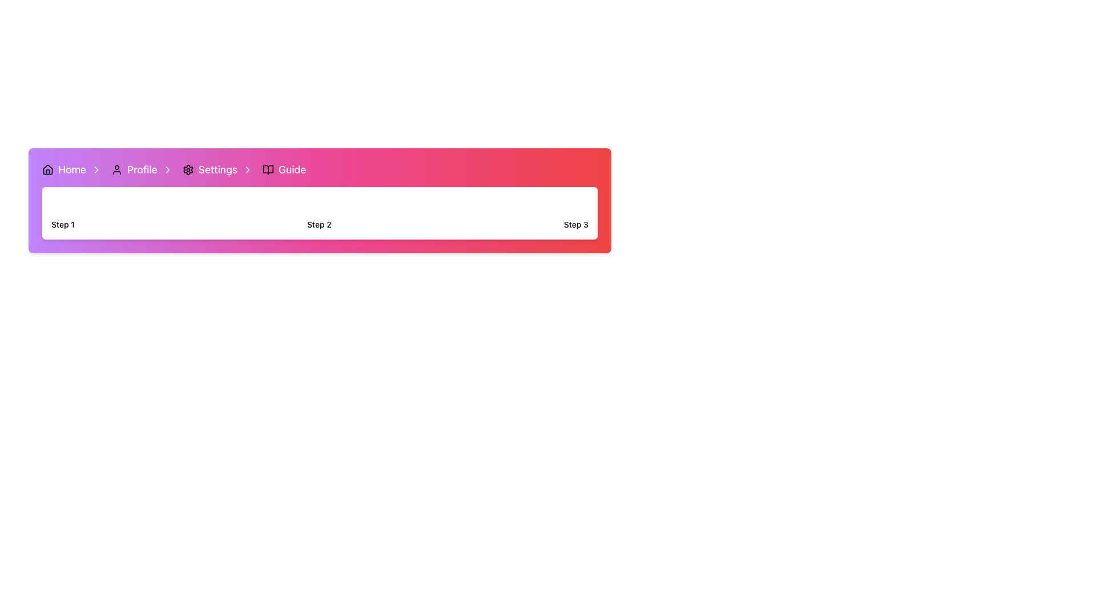 This screenshot has height=616, width=1096. I want to click on the text label displaying 'Step 3', which is part of the step indicator design, so click(576, 224).